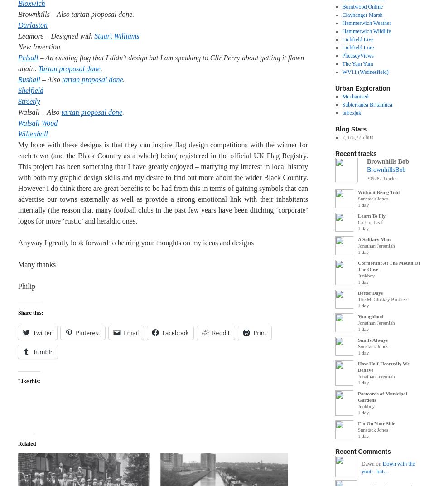 This screenshot has height=486, width=444. I want to click on 'Leamore – Designed with', so click(56, 36).